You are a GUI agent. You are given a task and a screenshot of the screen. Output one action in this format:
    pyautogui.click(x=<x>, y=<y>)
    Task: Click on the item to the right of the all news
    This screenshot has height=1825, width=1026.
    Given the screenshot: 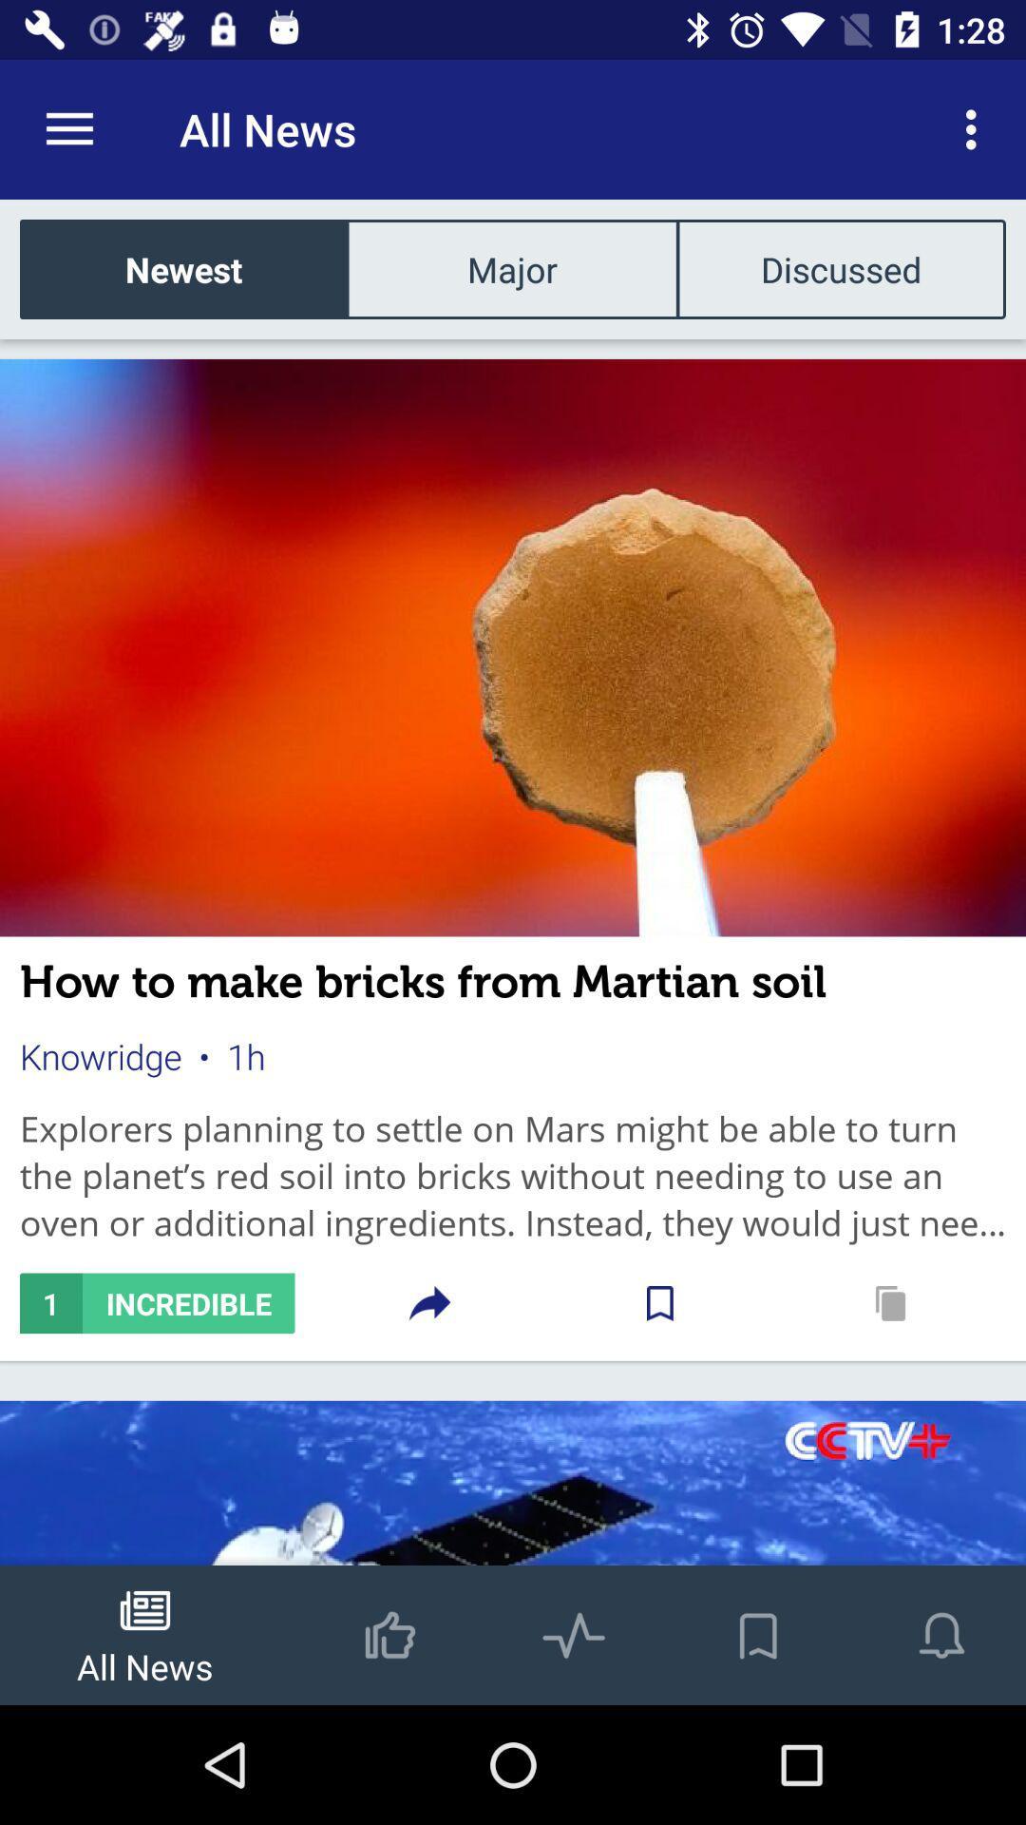 What is the action you would take?
    pyautogui.click(x=976, y=128)
    